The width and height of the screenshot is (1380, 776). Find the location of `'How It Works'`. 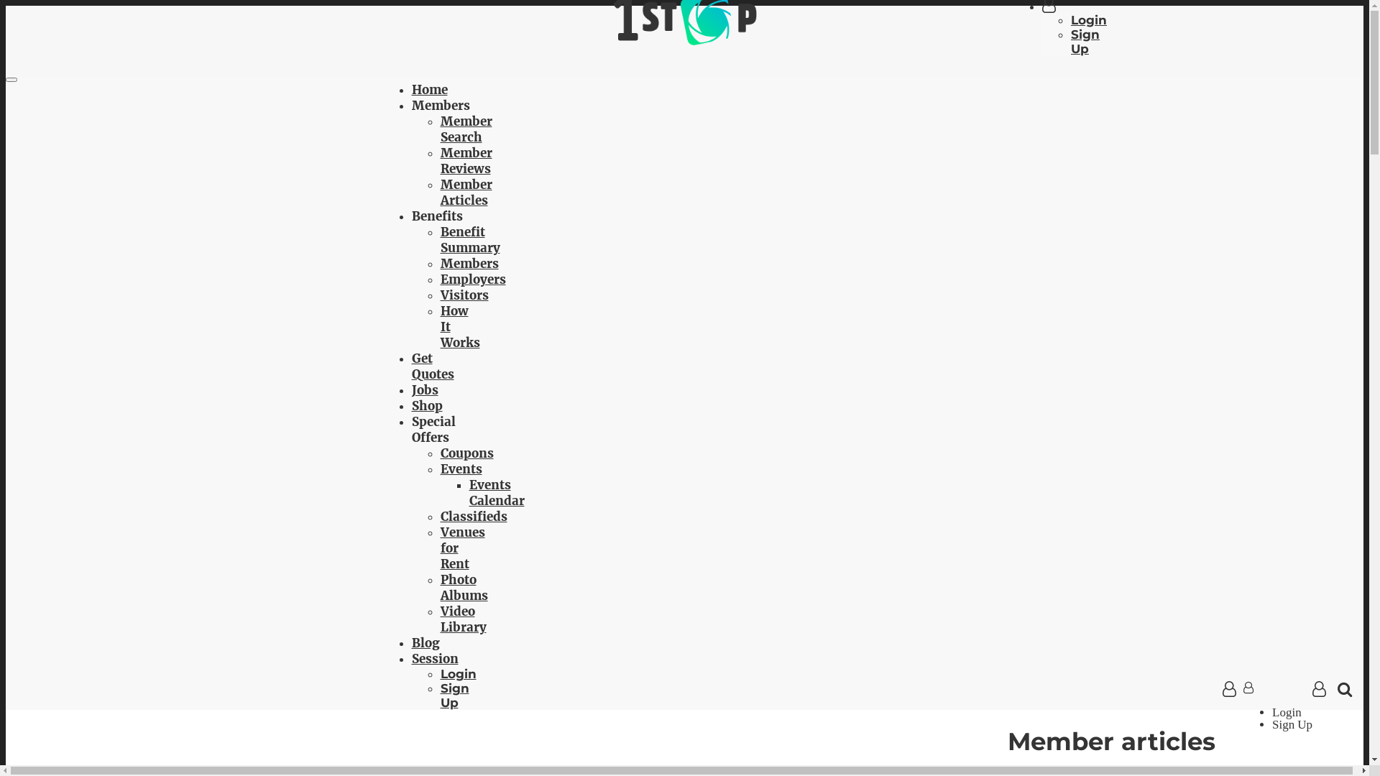

'How It Works' is located at coordinates (438, 327).